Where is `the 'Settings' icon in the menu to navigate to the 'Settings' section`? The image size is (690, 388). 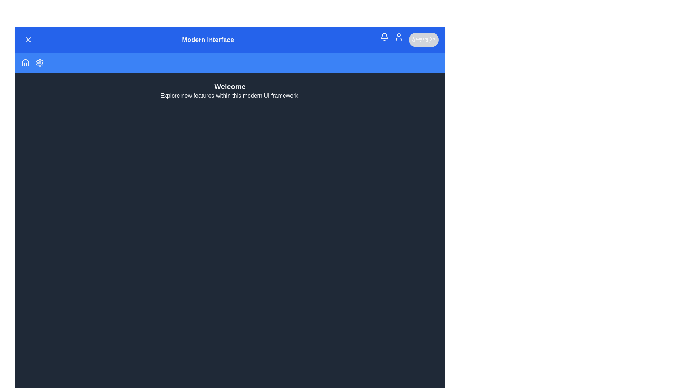
the 'Settings' icon in the menu to navigate to the 'Settings' section is located at coordinates (39, 62).